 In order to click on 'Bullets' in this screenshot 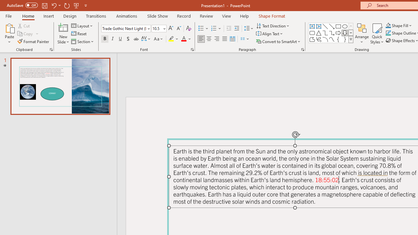, I will do `click(201, 28)`.